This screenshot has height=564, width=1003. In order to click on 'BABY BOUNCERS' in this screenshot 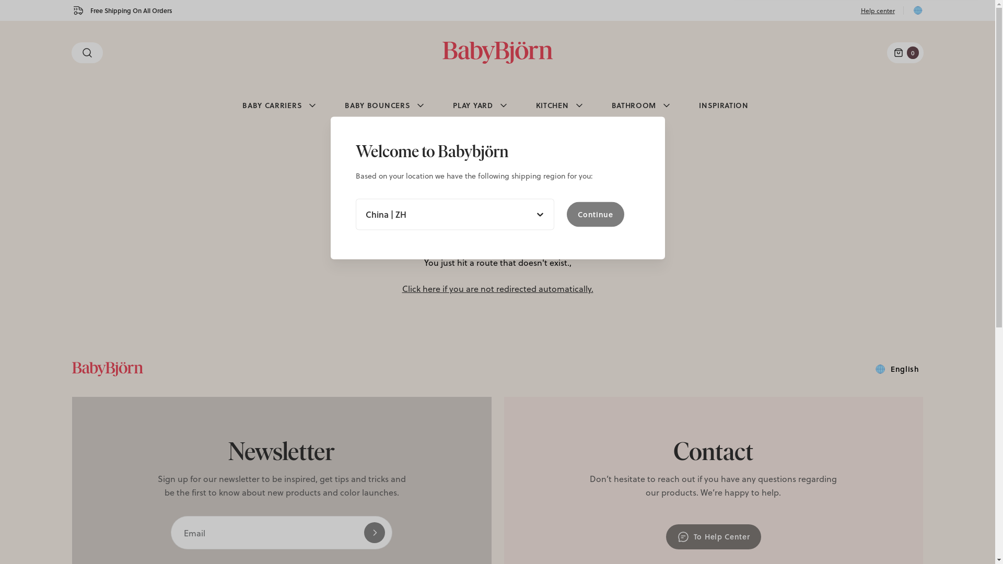, I will do `click(333, 105)`.